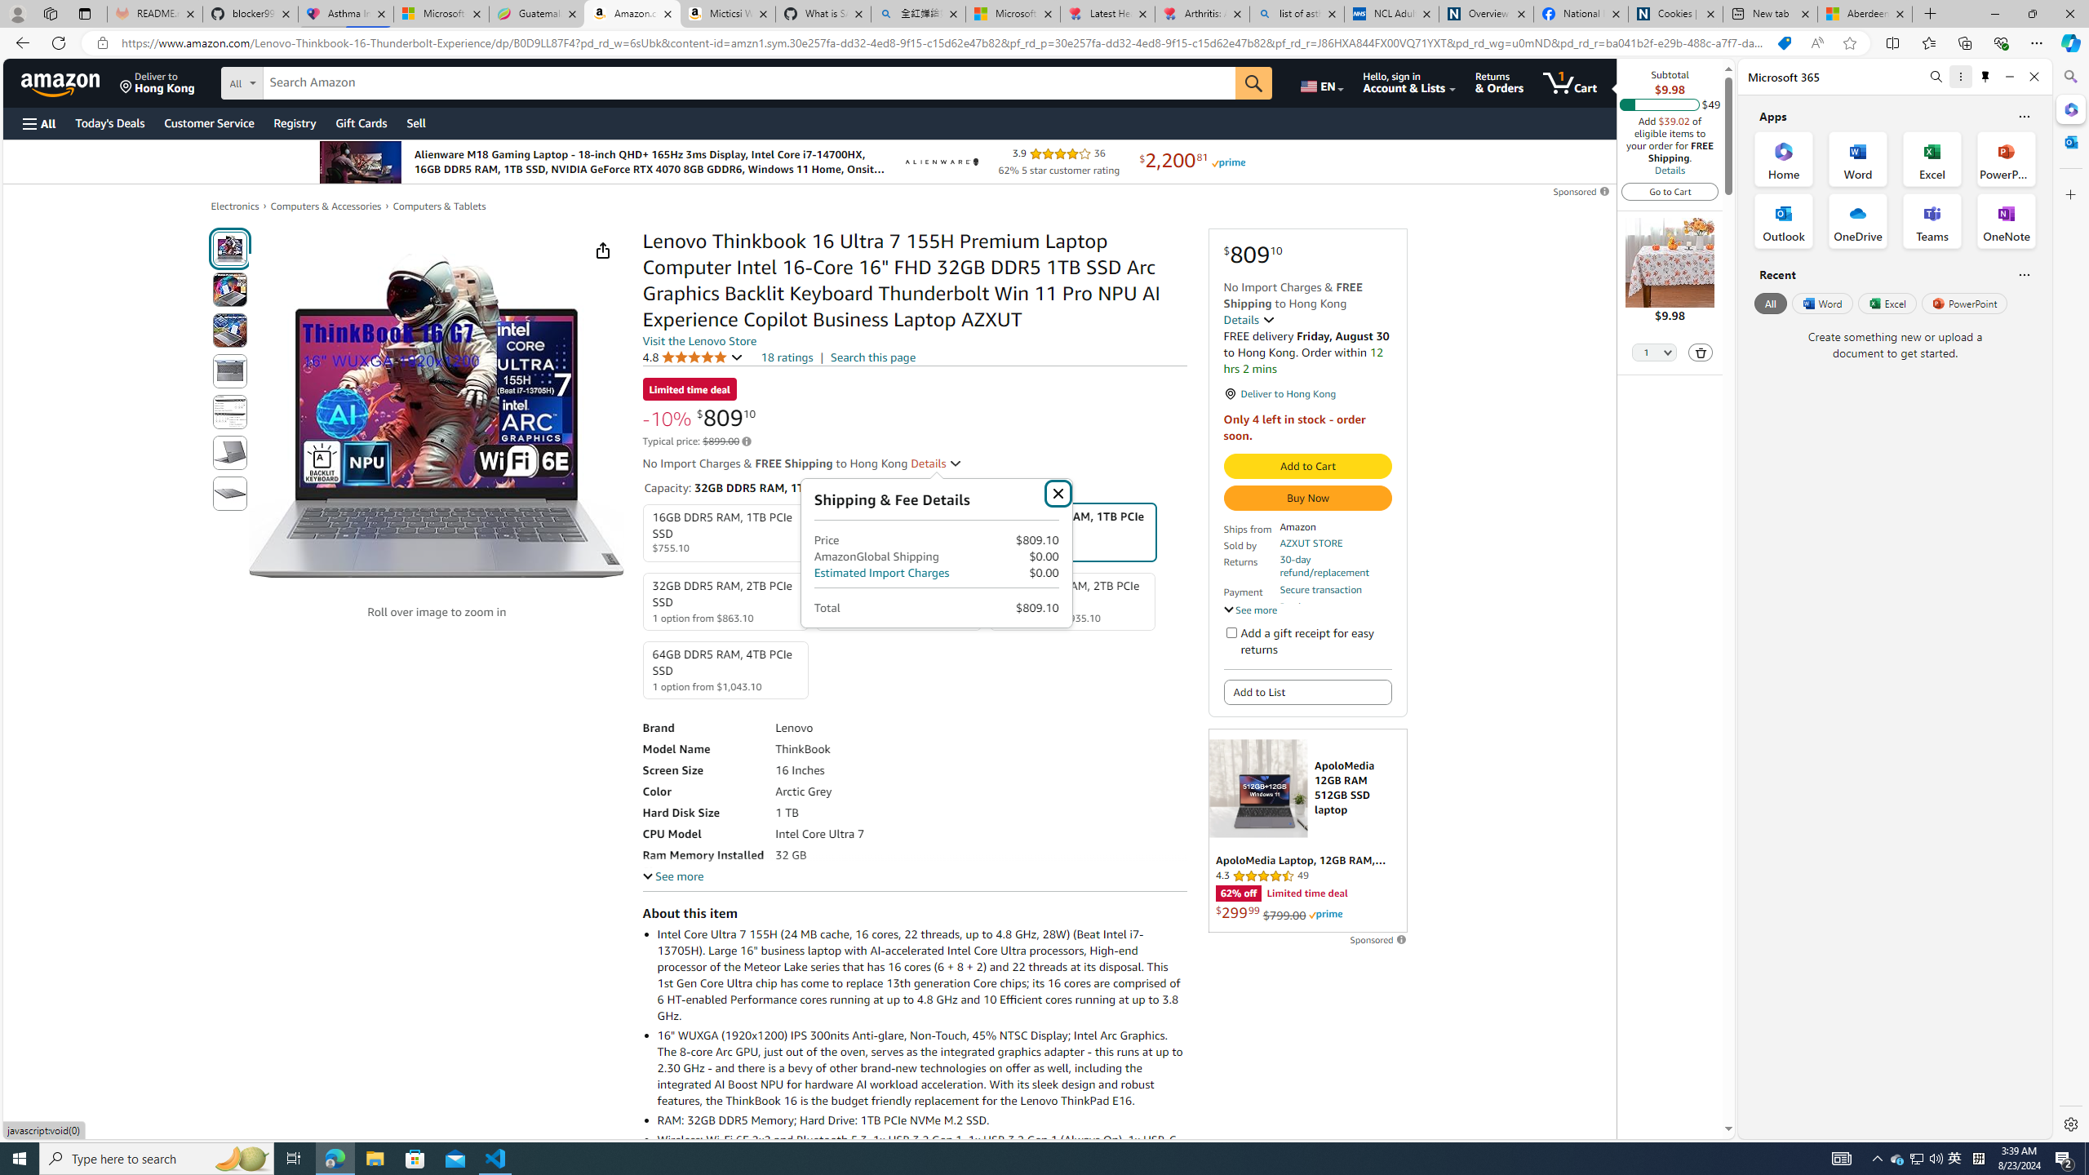  I want to click on 'Computers & Tablets', so click(439, 206).